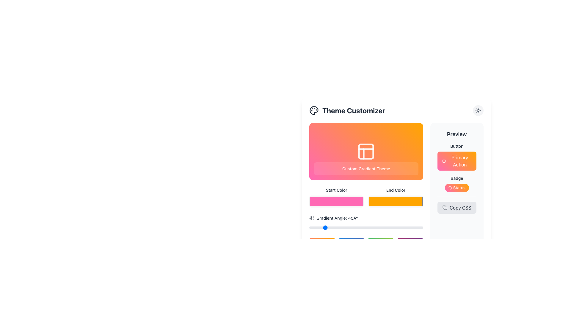  I want to click on the gradient angle slider, so click(339, 227).